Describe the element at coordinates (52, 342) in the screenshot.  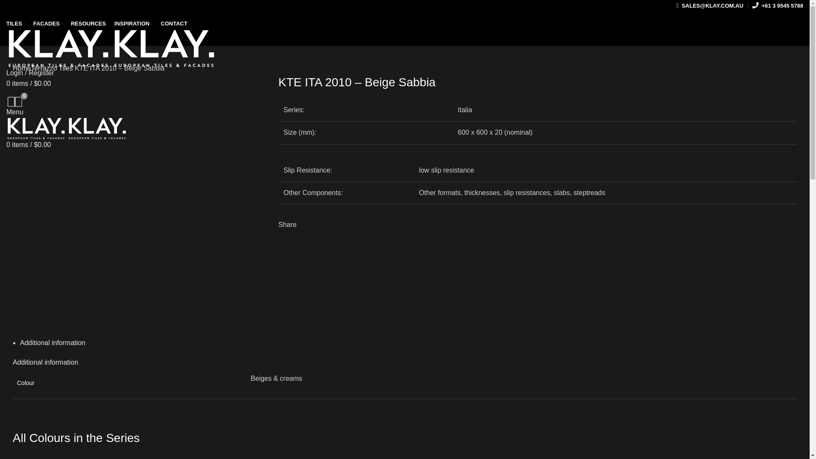
I see `'Additional information'` at that location.